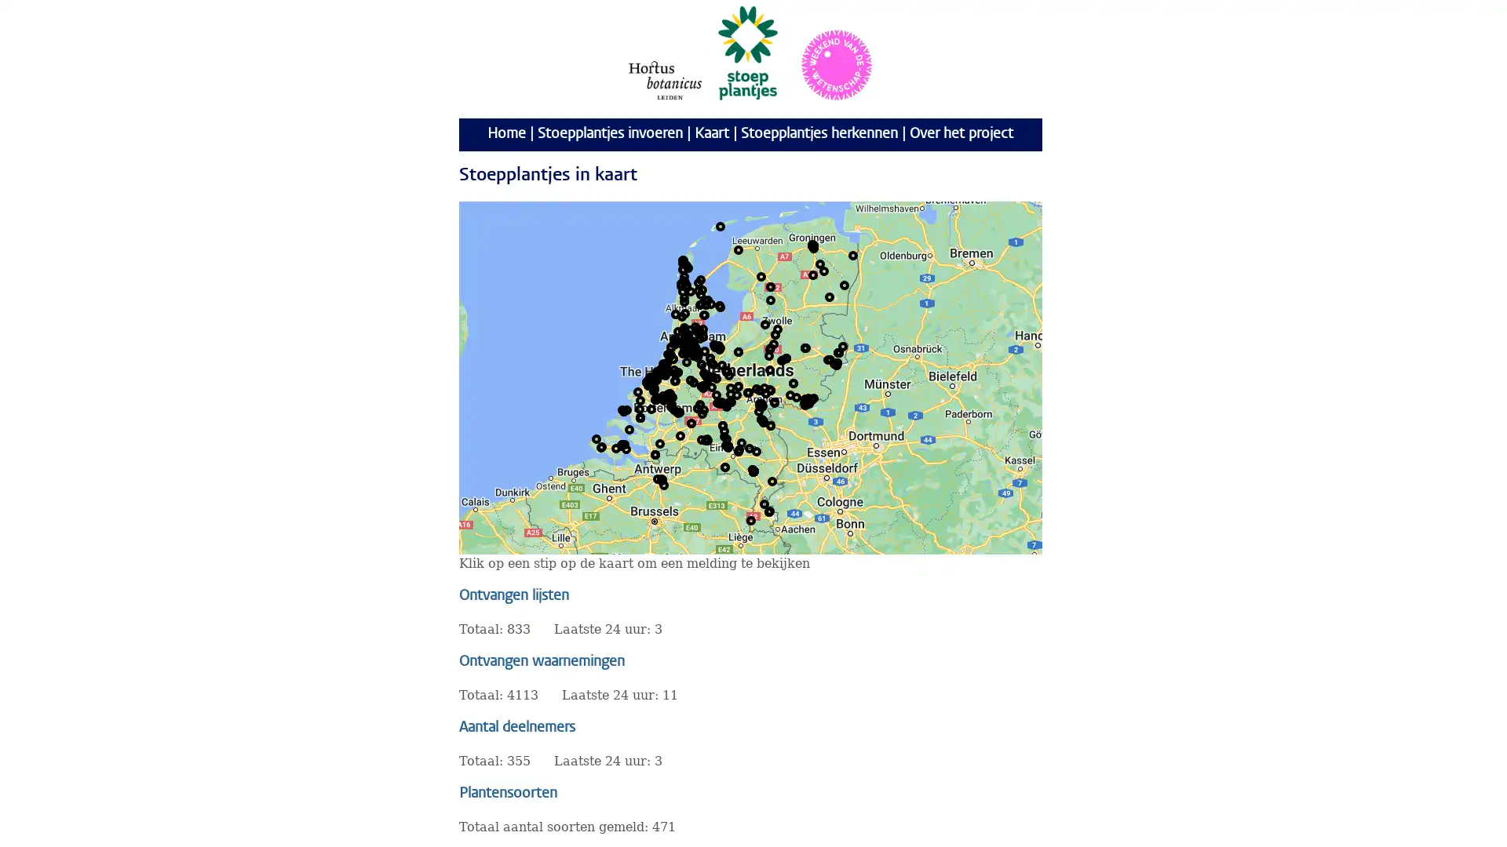  What do you see at coordinates (833, 362) in the screenshot?
I see `Telling van Leontien op 03 juni 2022` at bounding box center [833, 362].